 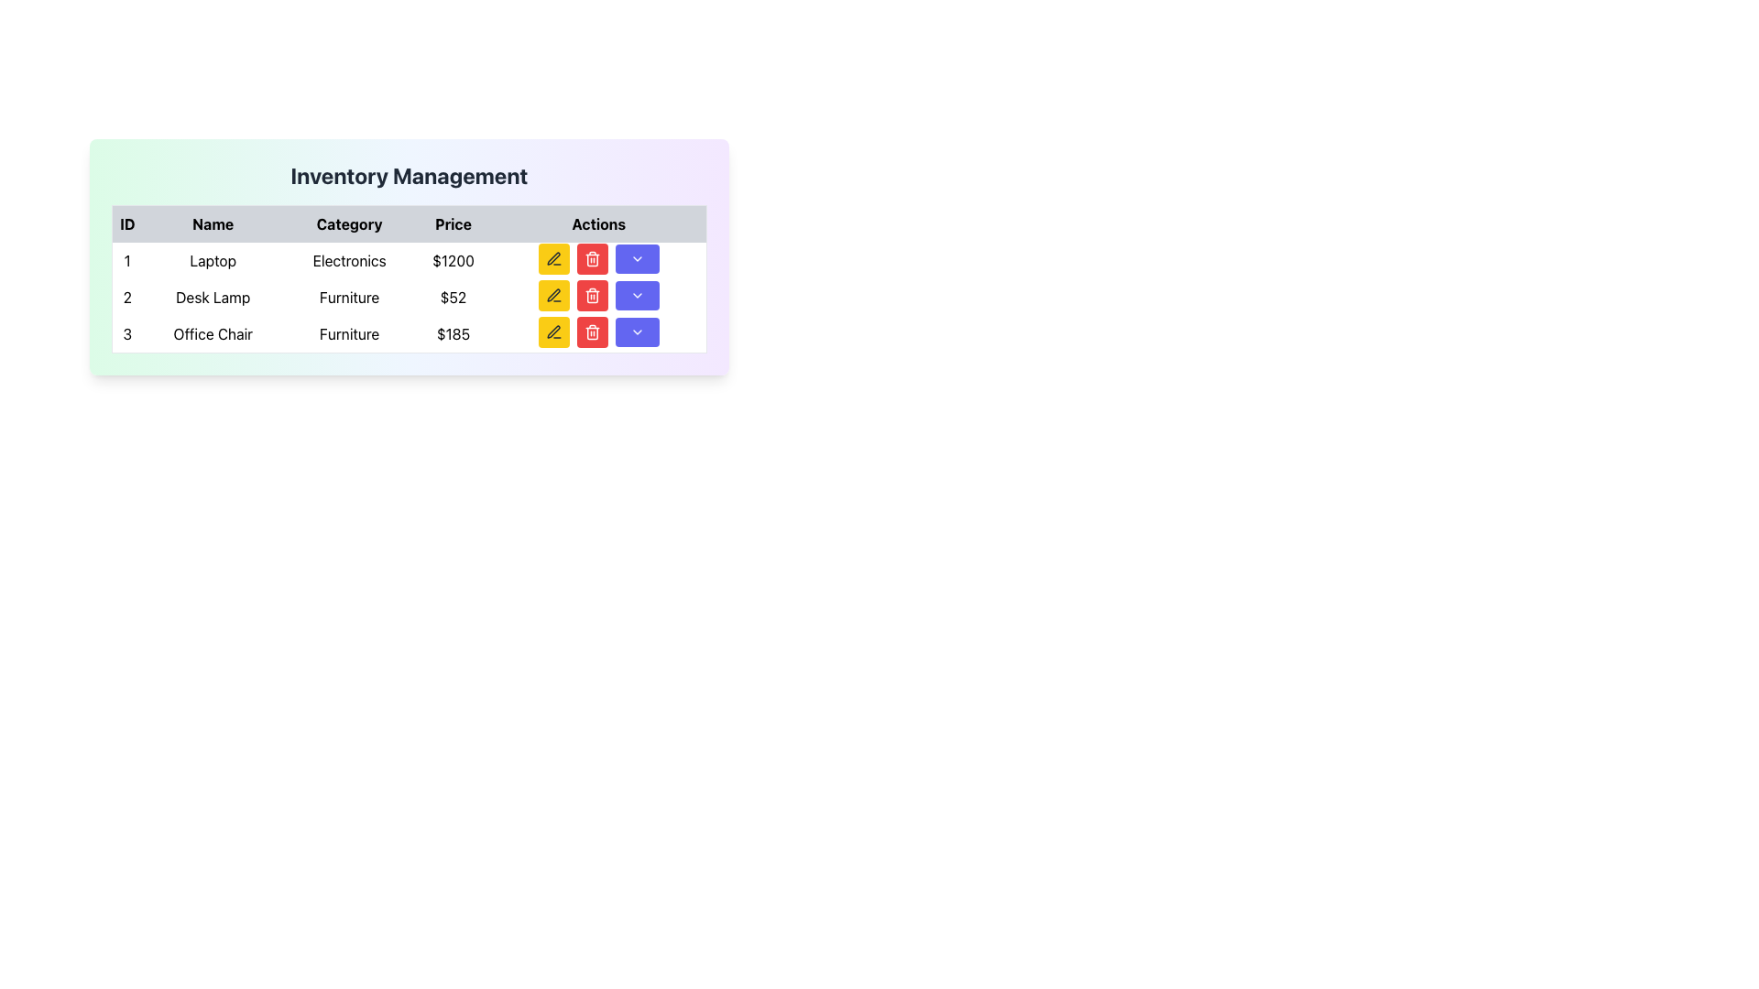 What do you see at coordinates (552, 295) in the screenshot?
I see `the edit button located in the second row of the table under the 'Actions' column` at bounding box center [552, 295].